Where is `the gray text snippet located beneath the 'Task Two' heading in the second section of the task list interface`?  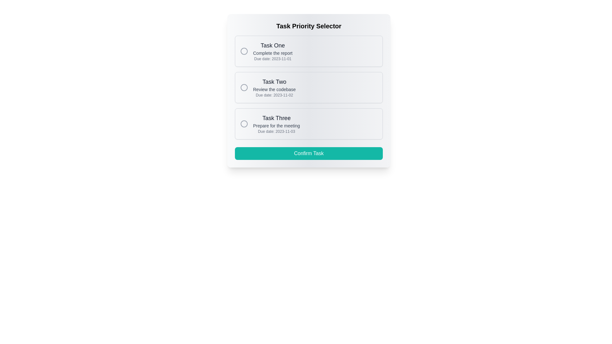
the gray text snippet located beneath the 'Task Two' heading in the second section of the task list interface is located at coordinates (274, 90).